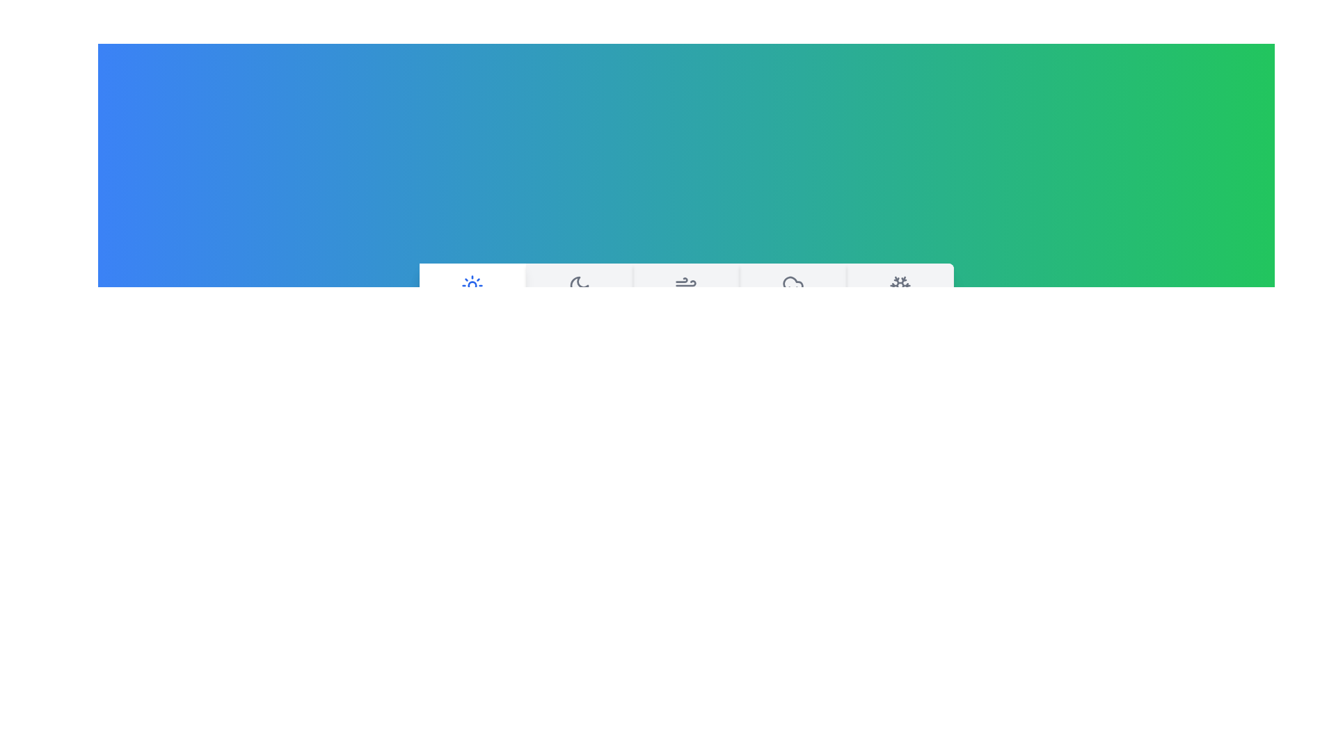 This screenshot has height=751, width=1336. Describe the element at coordinates (579, 299) in the screenshot. I see `the weather tab labeled Night` at that location.